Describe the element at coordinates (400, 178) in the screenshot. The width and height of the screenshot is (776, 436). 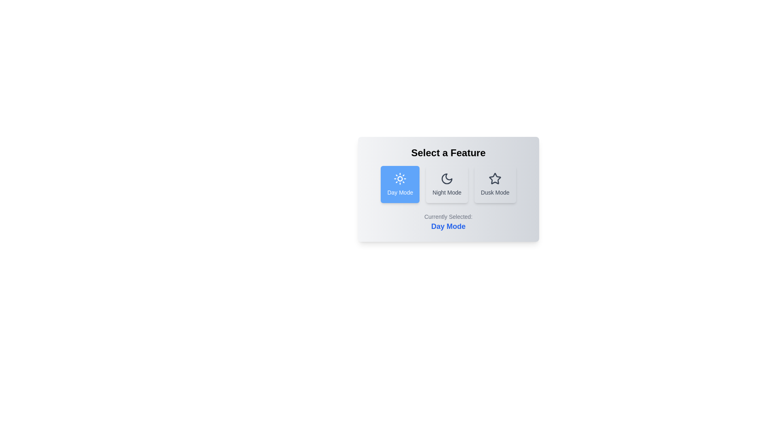
I see `the icon of the button labeled Day Mode` at that location.